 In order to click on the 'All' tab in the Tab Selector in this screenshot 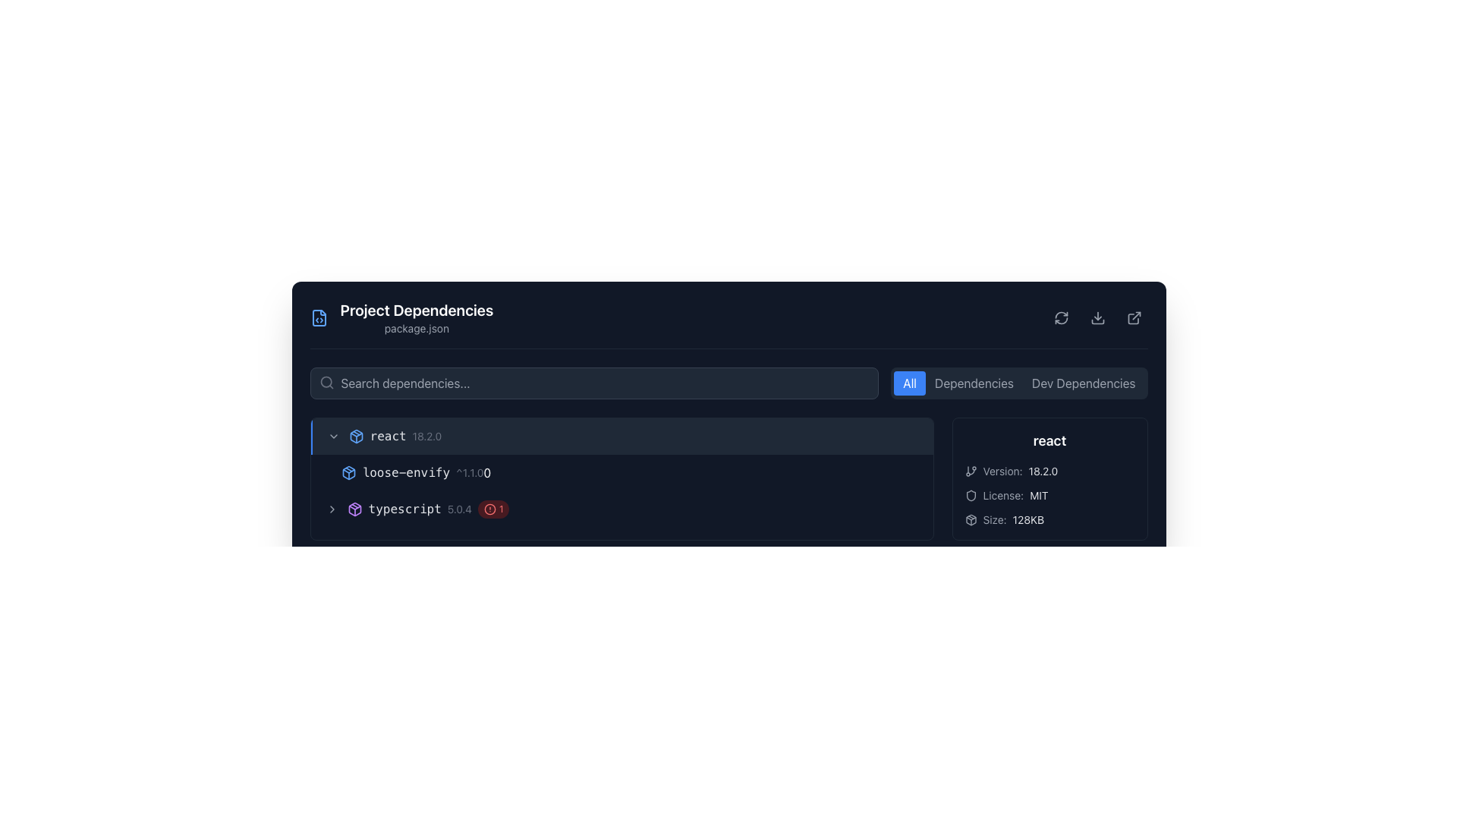, I will do `click(1019, 383)`.